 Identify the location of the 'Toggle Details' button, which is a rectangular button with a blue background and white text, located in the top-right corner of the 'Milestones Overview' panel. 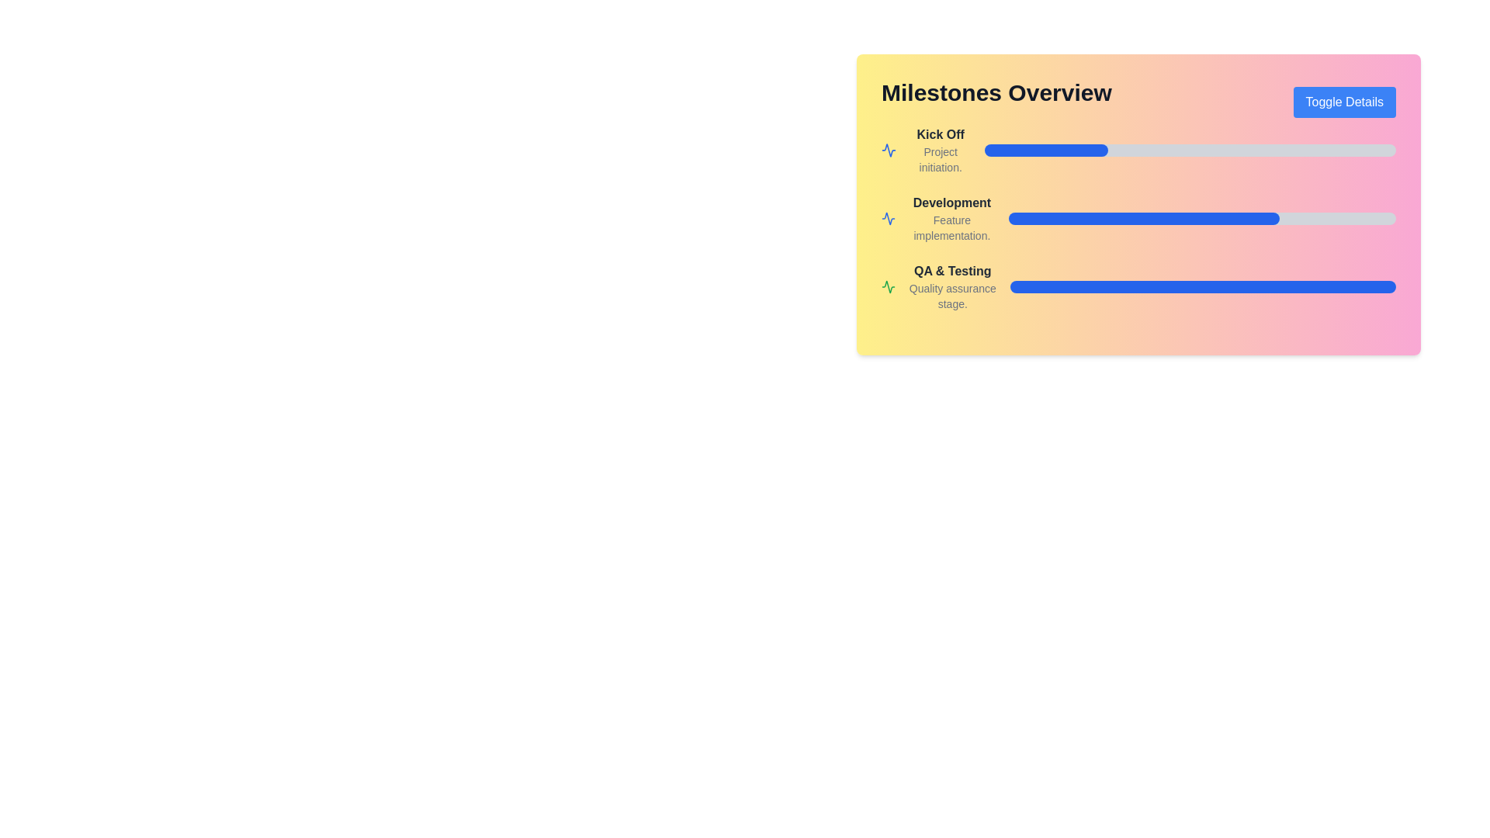
(1343, 102).